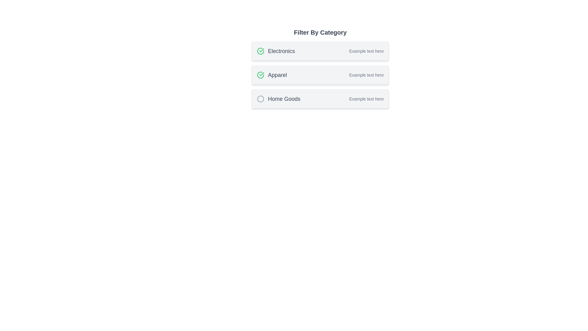 This screenshot has width=588, height=331. What do you see at coordinates (366, 51) in the screenshot?
I see `descriptive text label next to the 'Electronics' category in the selection list, which provides additional information about the category` at bounding box center [366, 51].